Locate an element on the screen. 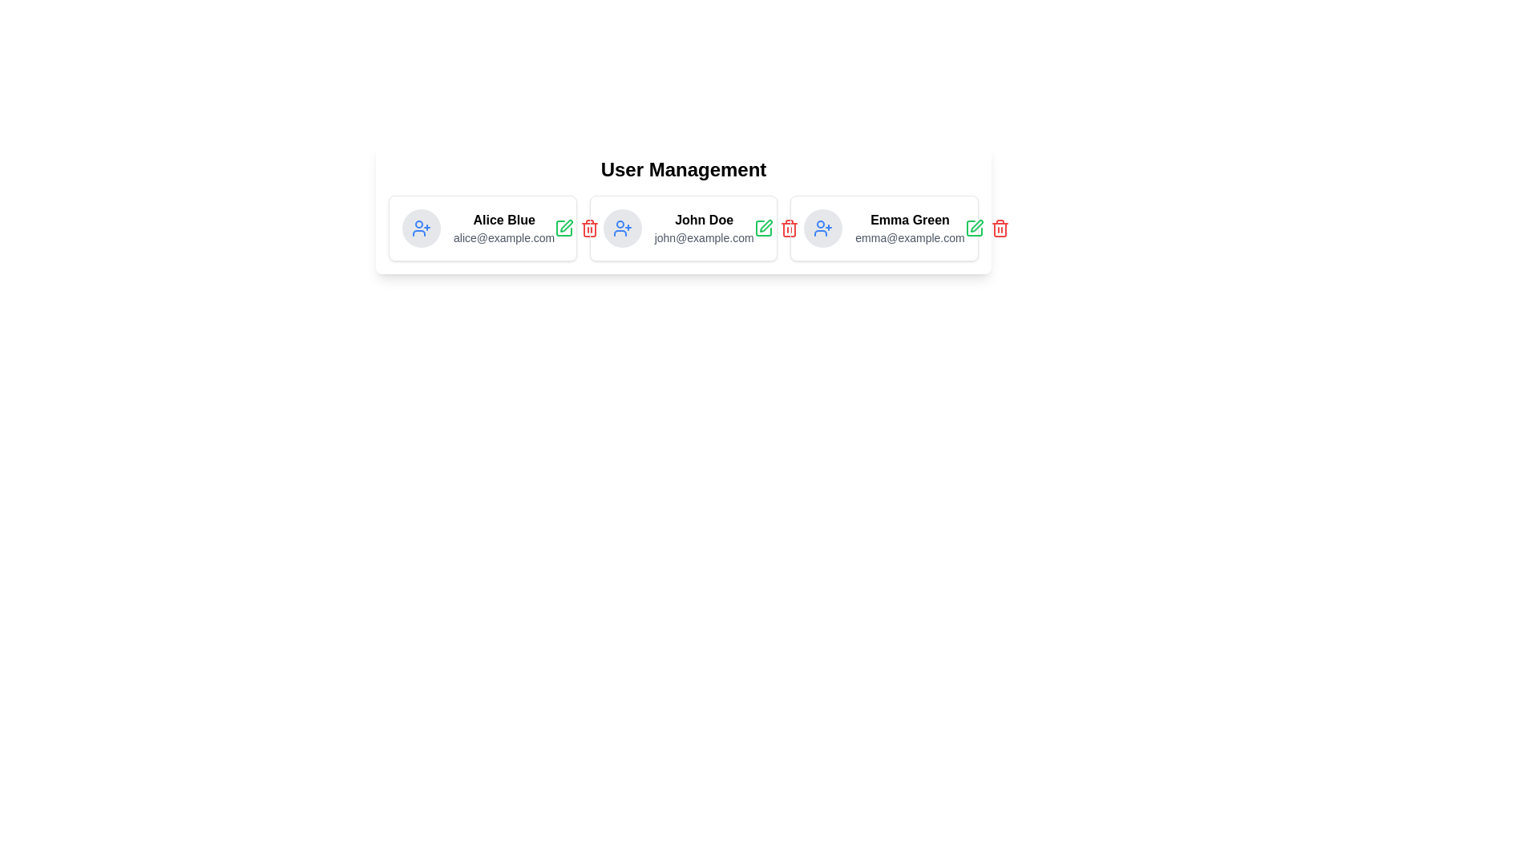 Image resolution: width=1539 pixels, height=866 pixels. the Informational Display element containing 'Alice Blue' and 'alice@example.com', which is located in the first section of the user list, adjacent to user profile and edit icons is located at coordinates (482, 229).